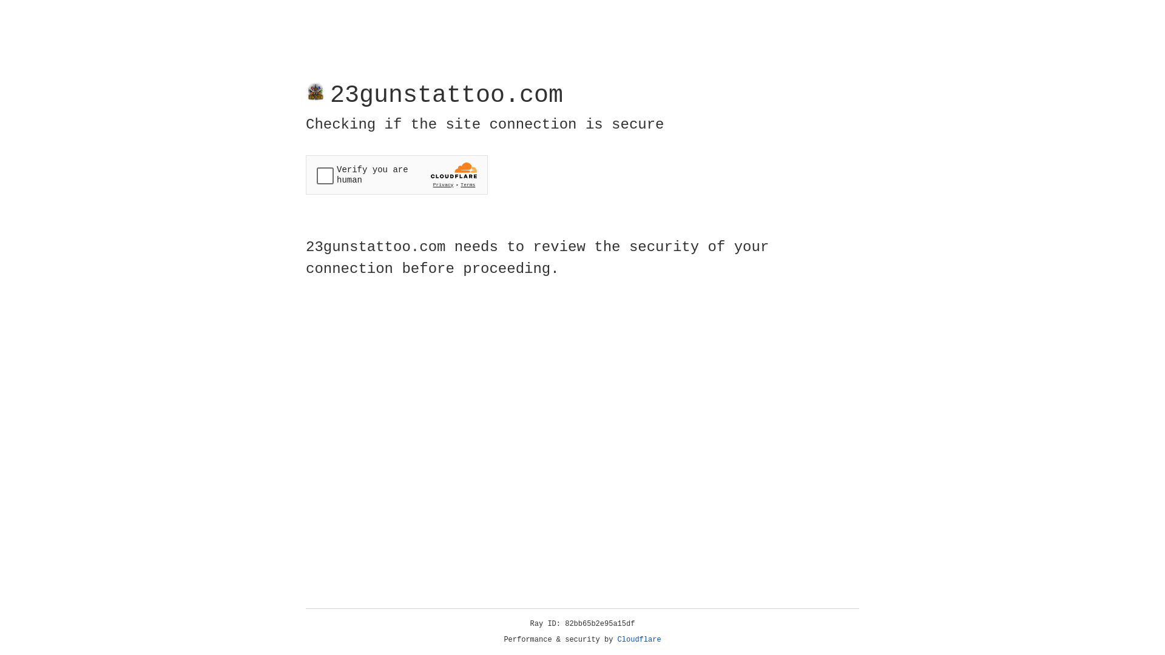 This screenshot has width=1165, height=655. Describe the element at coordinates (396, 175) in the screenshot. I see `'Widget containing a Cloudflare security challenge'` at that location.